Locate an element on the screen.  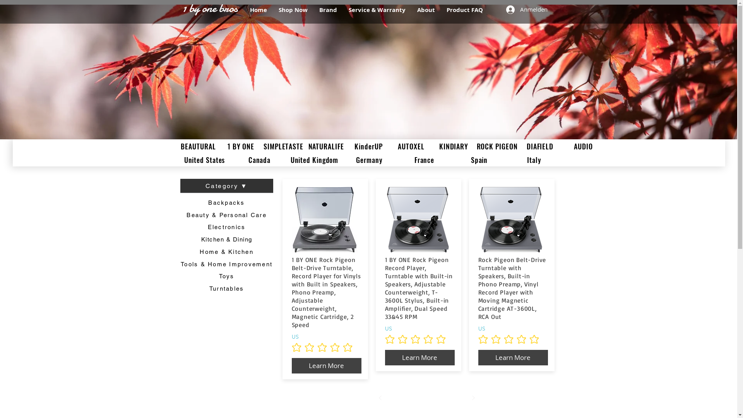
'Germany' is located at coordinates (369, 159).